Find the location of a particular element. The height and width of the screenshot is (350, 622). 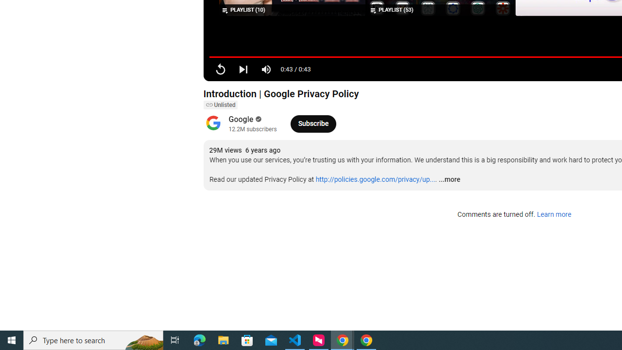

'...more' is located at coordinates (449, 180).